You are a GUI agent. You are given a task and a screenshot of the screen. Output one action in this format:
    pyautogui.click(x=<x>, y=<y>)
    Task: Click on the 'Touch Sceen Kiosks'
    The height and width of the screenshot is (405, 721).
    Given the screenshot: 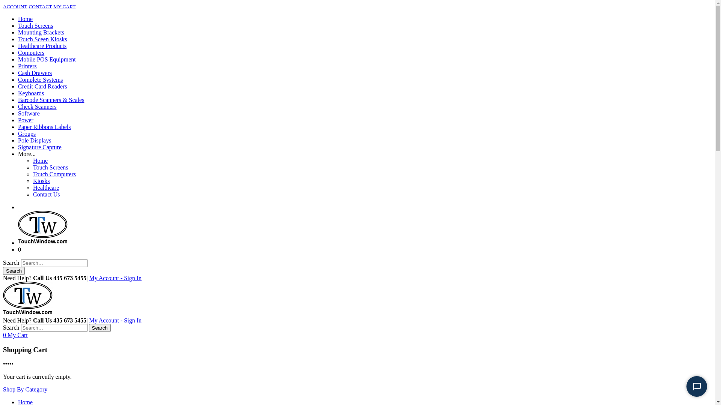 What is the action you would take?
    pyautogui.click(x=42, y=39)
    